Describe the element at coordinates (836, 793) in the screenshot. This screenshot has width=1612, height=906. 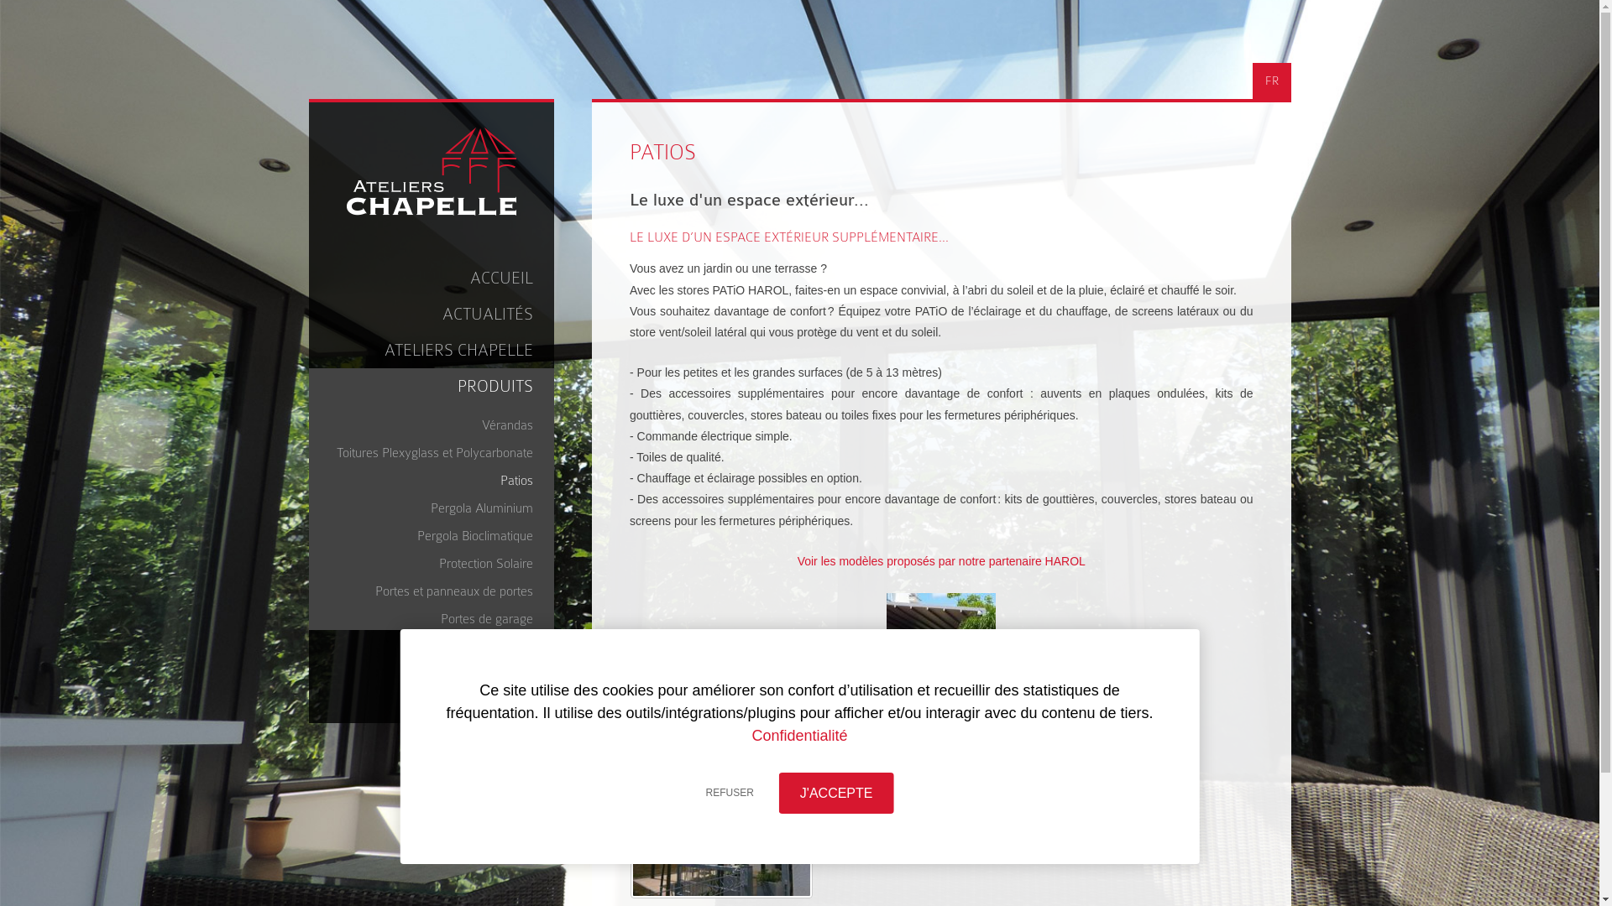
I see `'J'ACCEPTE'` at that location.